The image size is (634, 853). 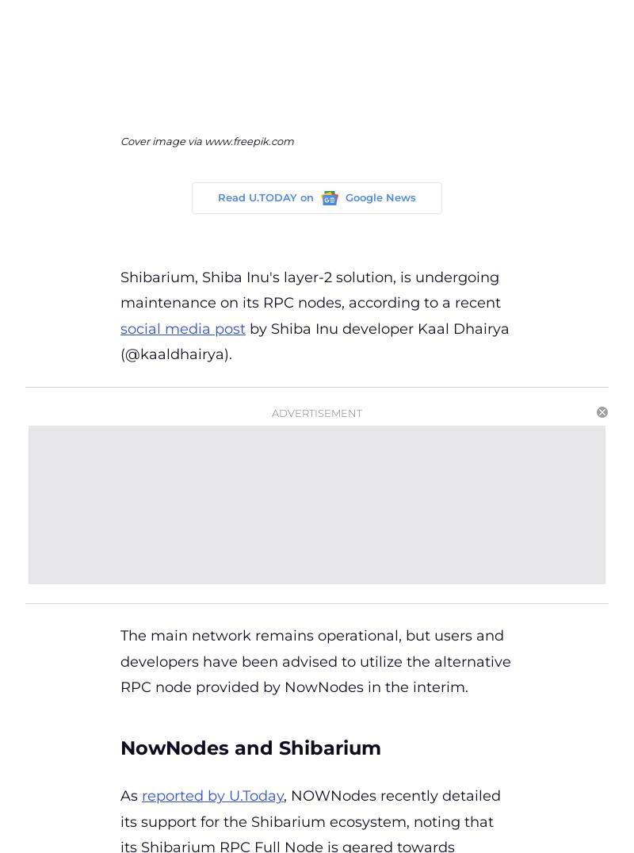 What do you see at coordinates (120, 795) in the screenshot?
I see `'As'` at bounding box center [120, 795].